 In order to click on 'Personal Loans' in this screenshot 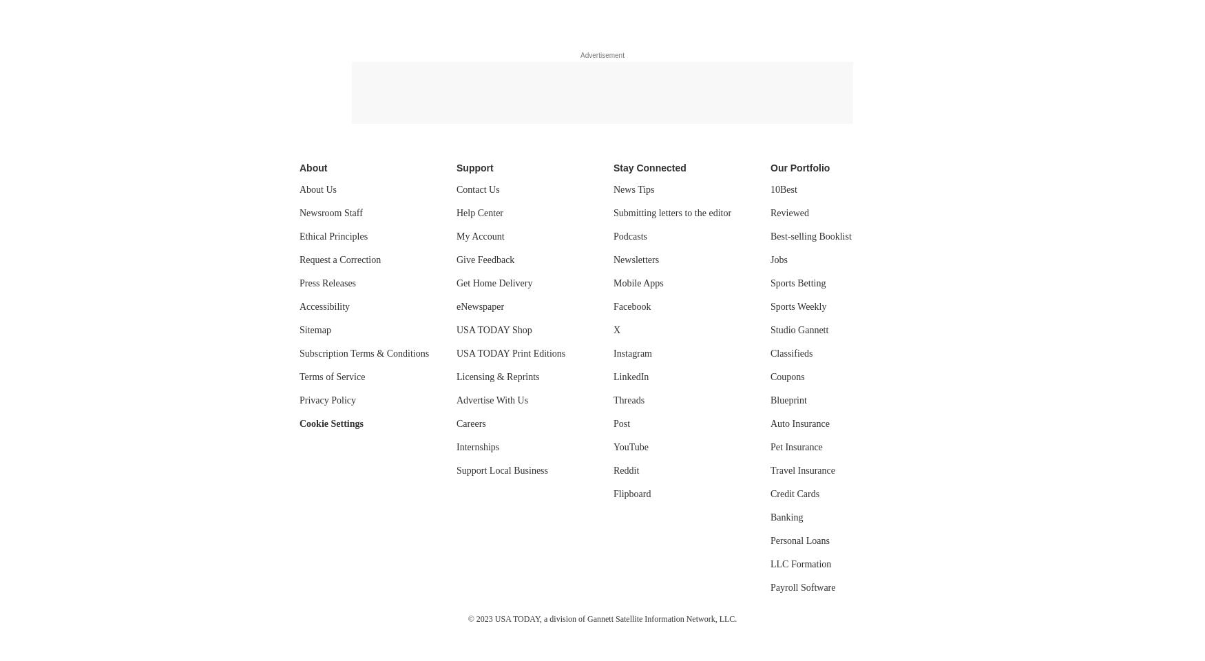, I will do `click(799, 541)`.